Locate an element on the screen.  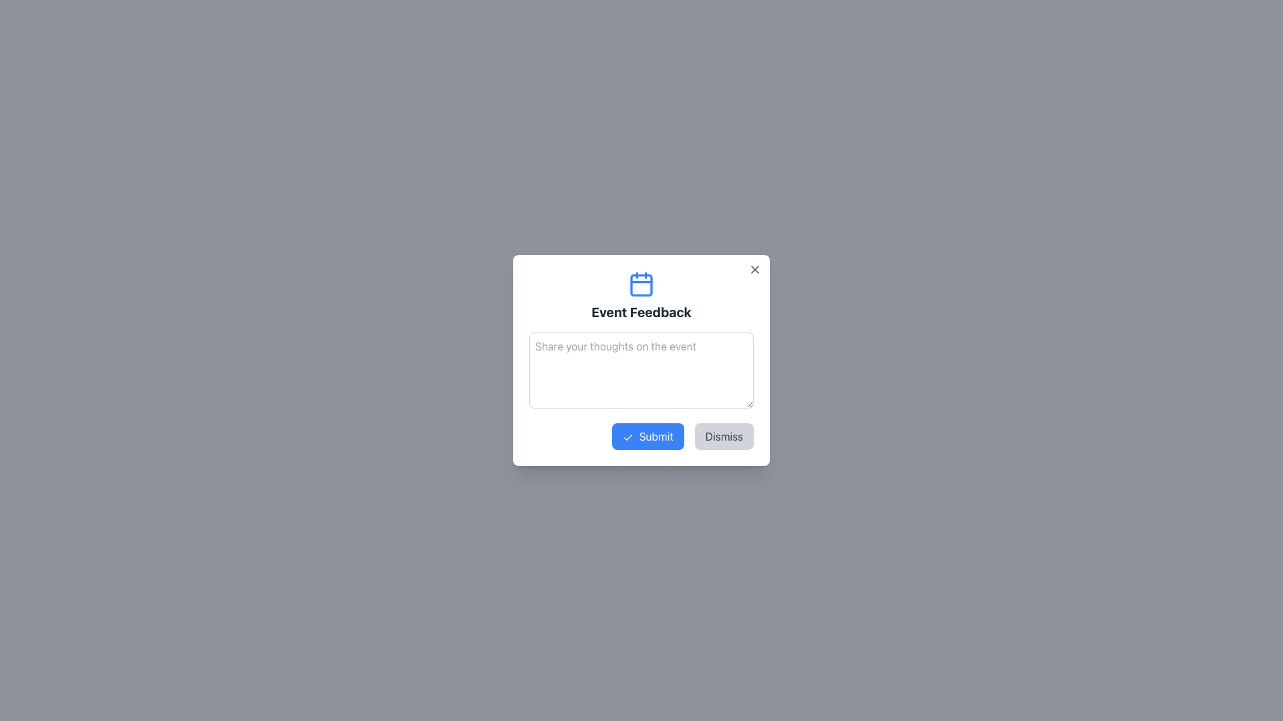
the checkmark icon that visually reinforces the submission of the form, located at the bottom-left section of the 'Submit' button in the modal interface is located at coordinates (627, 437).